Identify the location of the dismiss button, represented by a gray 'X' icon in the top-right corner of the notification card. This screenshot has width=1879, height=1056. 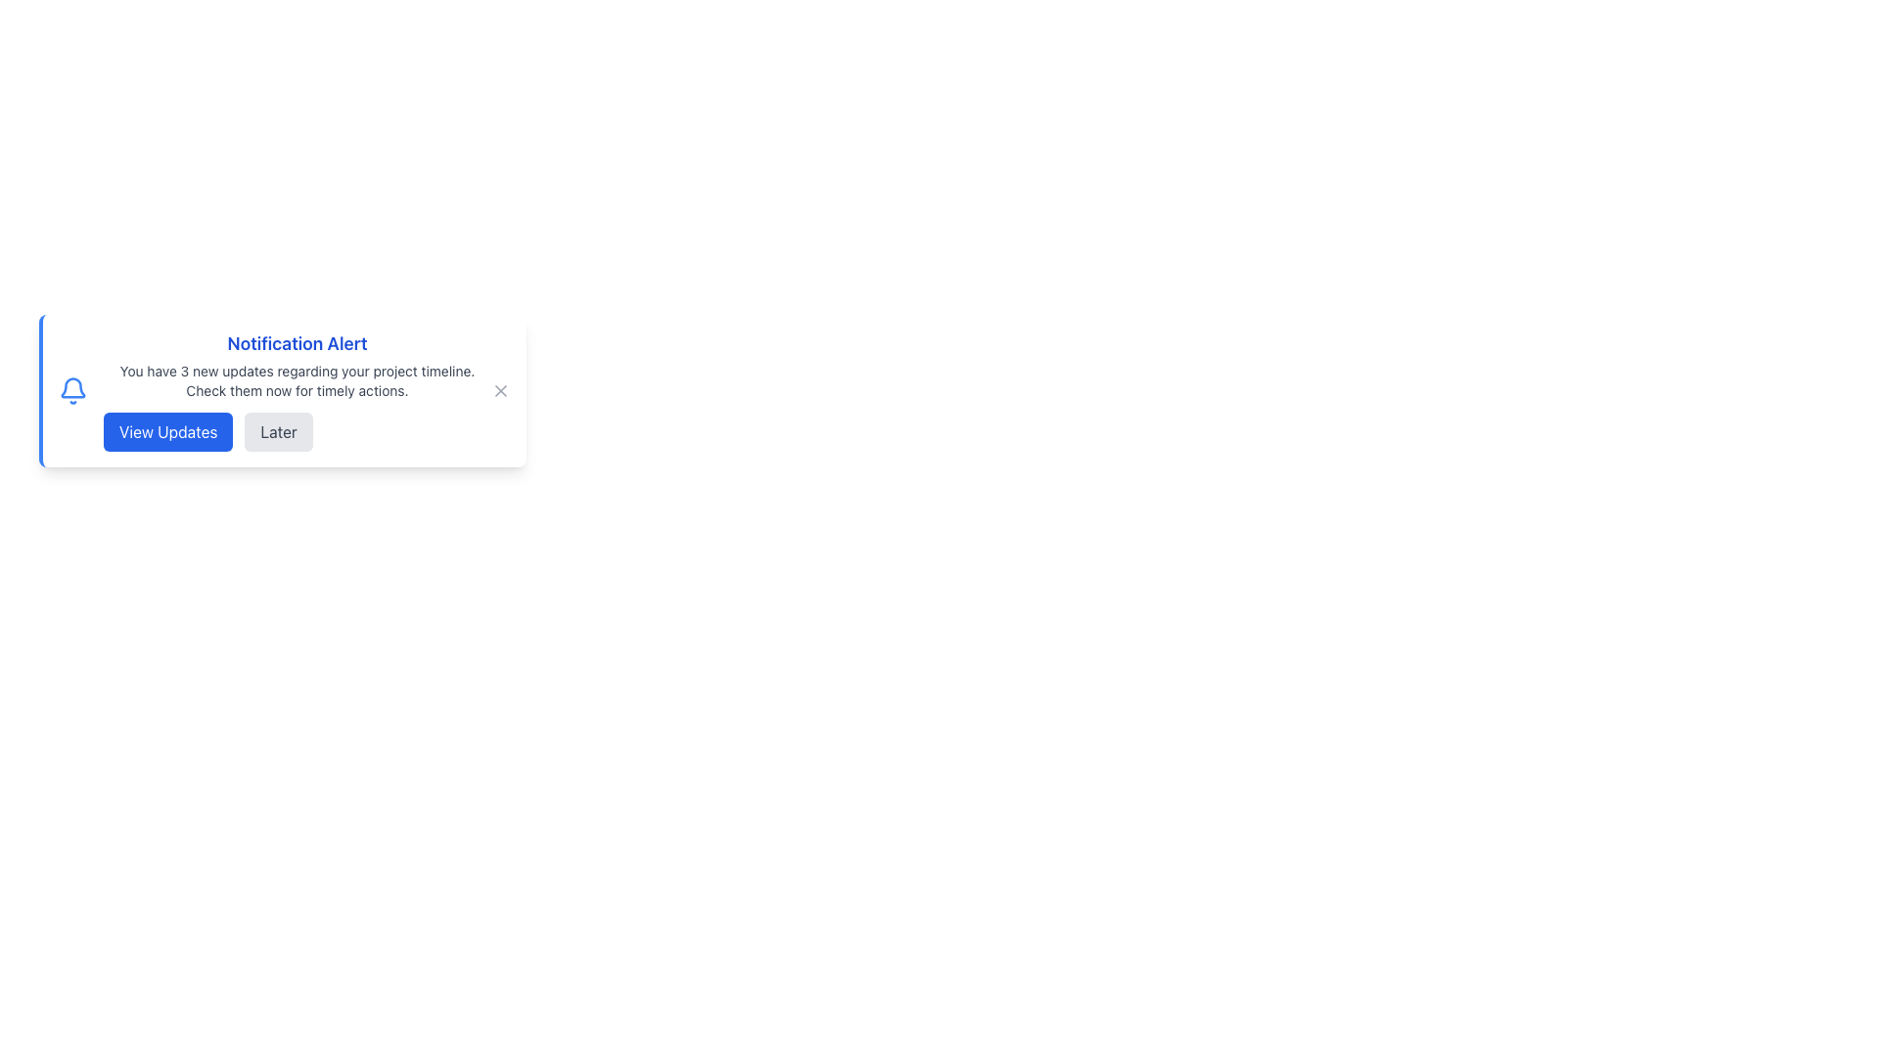
(501, 391).